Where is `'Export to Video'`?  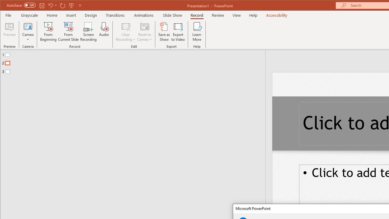
'Export to Video' is located at coordinates (178, 32).